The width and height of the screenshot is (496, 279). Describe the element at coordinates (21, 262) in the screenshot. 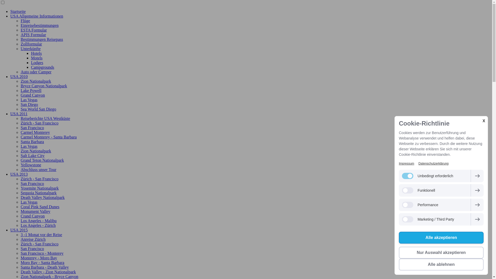

I see `'Moro Bay - Santa Barbara'` at that location.